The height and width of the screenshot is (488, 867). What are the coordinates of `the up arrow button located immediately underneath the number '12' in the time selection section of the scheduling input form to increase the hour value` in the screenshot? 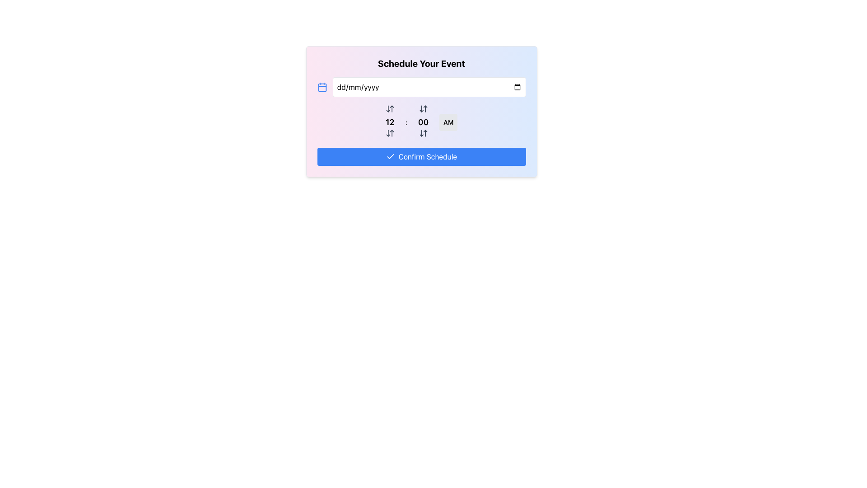 It's located at (390, 133).